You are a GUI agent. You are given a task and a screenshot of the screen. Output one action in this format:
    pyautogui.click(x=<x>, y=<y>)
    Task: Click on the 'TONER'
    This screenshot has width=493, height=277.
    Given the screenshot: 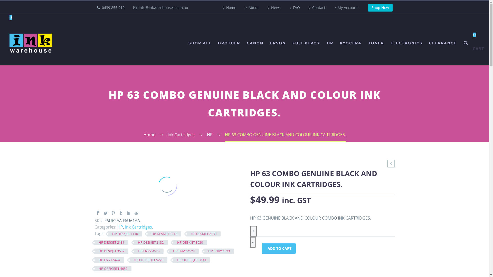 What is the action you would take?
    pyautogui.click(x=376, y=43)
    